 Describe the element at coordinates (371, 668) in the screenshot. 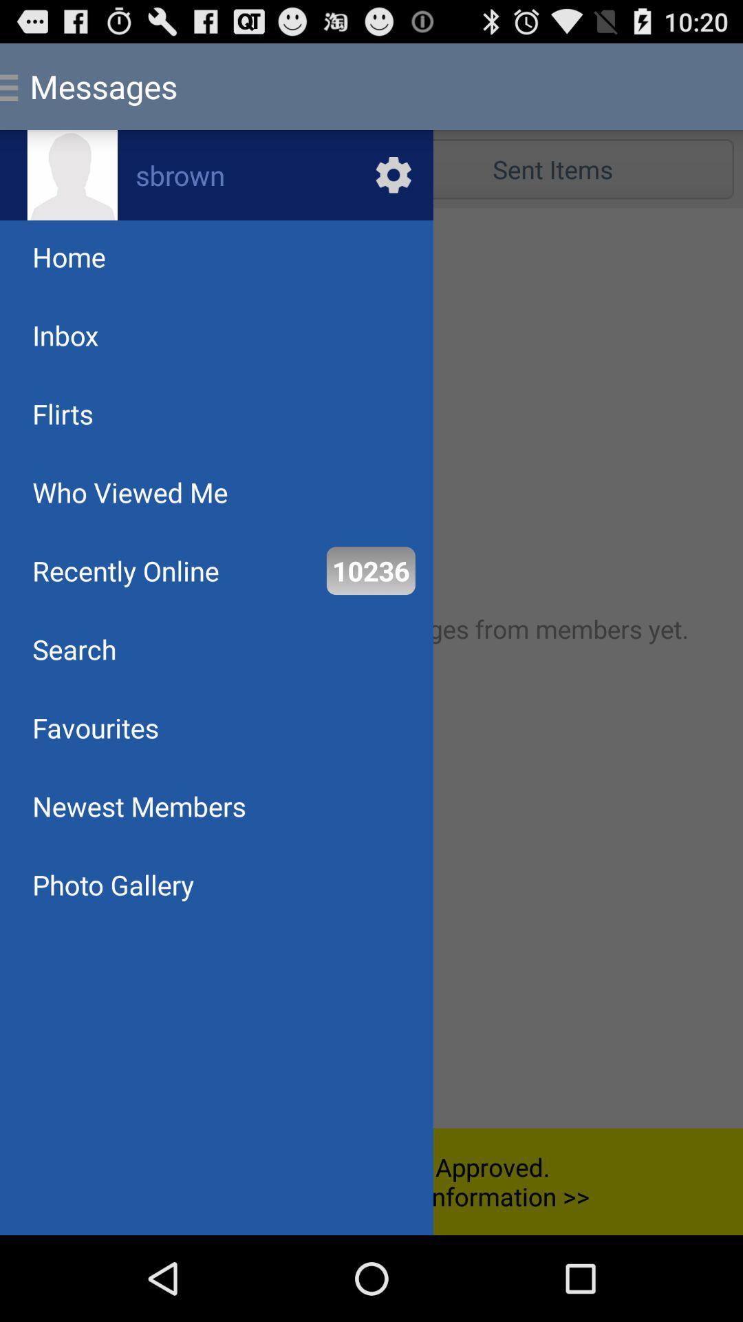

I see `menu bar` at that location.